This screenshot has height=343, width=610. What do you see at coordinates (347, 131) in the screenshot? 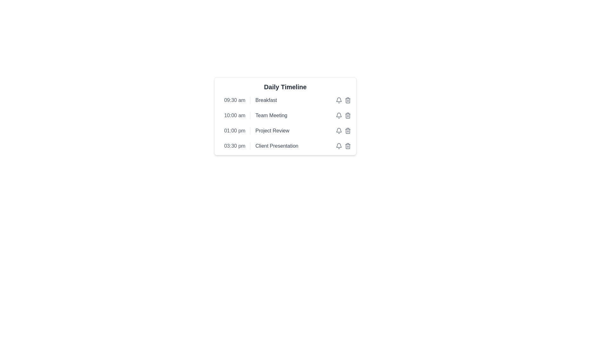
I see `the small gray trashcan icon button located in the fourth column of the fourth row, adjacent to the '1:00 pm Project Review' row entry` at bounding box center [347, 131].